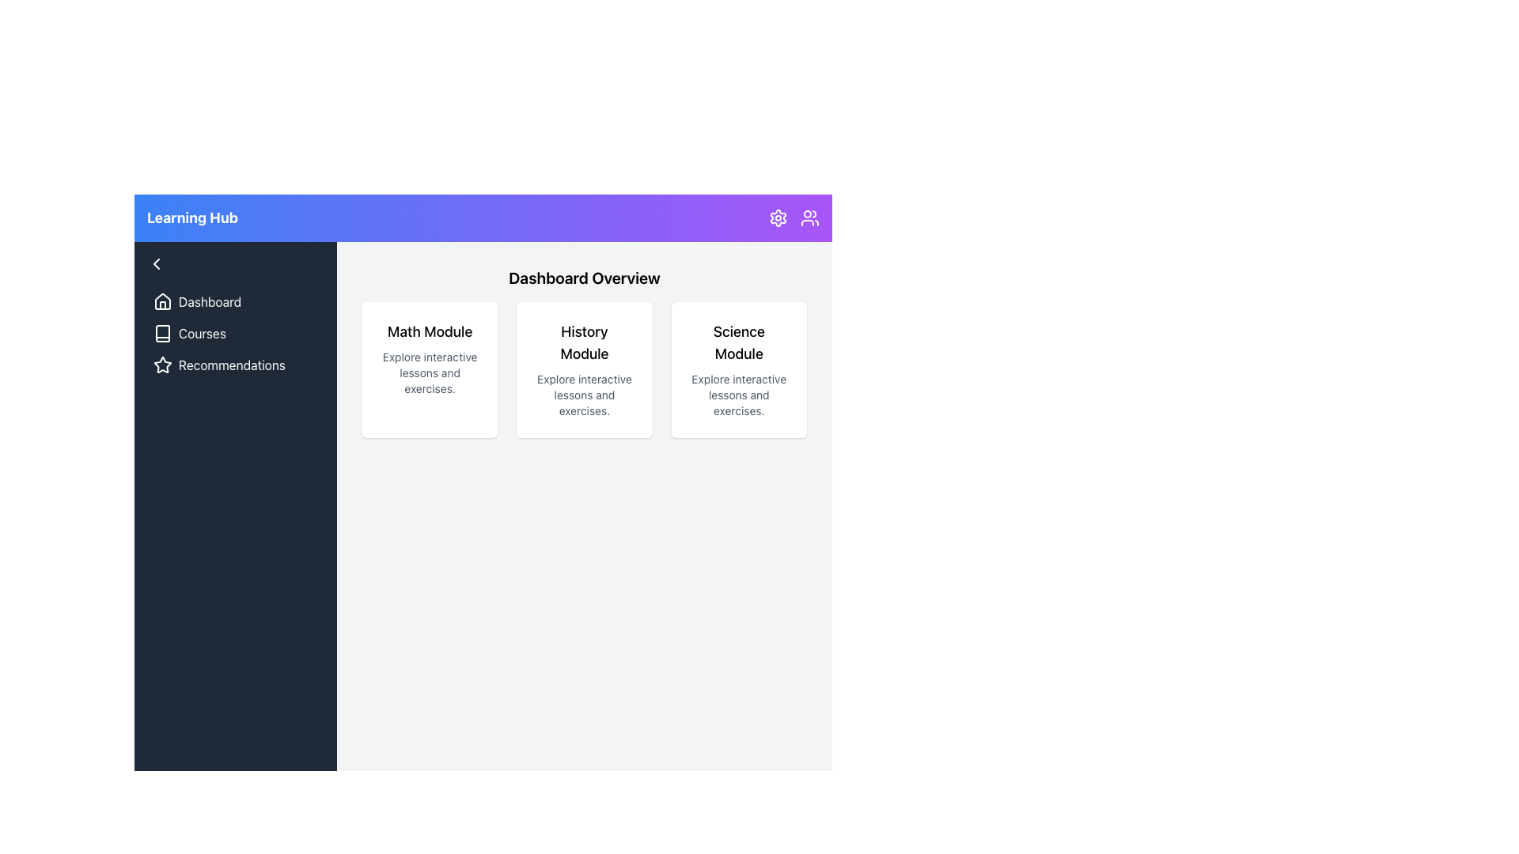 The image size is (1519, 854). I want to click on the 'Recommendations' navigation menu item, which features a star icon on the left and is the third item in the vertical navigation list, so click(234, 365).